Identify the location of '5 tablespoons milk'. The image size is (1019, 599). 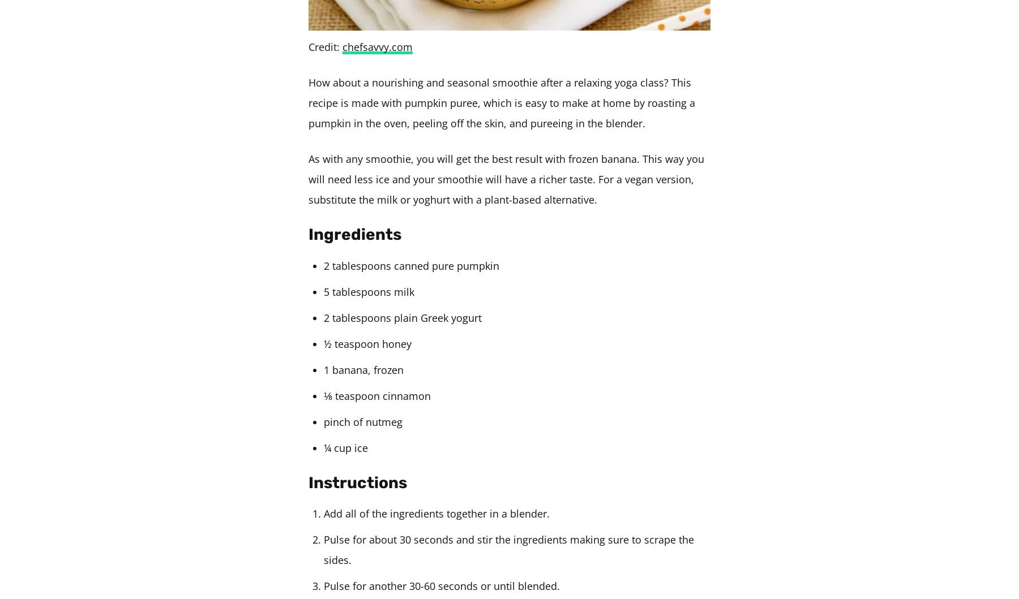
(324, 291).